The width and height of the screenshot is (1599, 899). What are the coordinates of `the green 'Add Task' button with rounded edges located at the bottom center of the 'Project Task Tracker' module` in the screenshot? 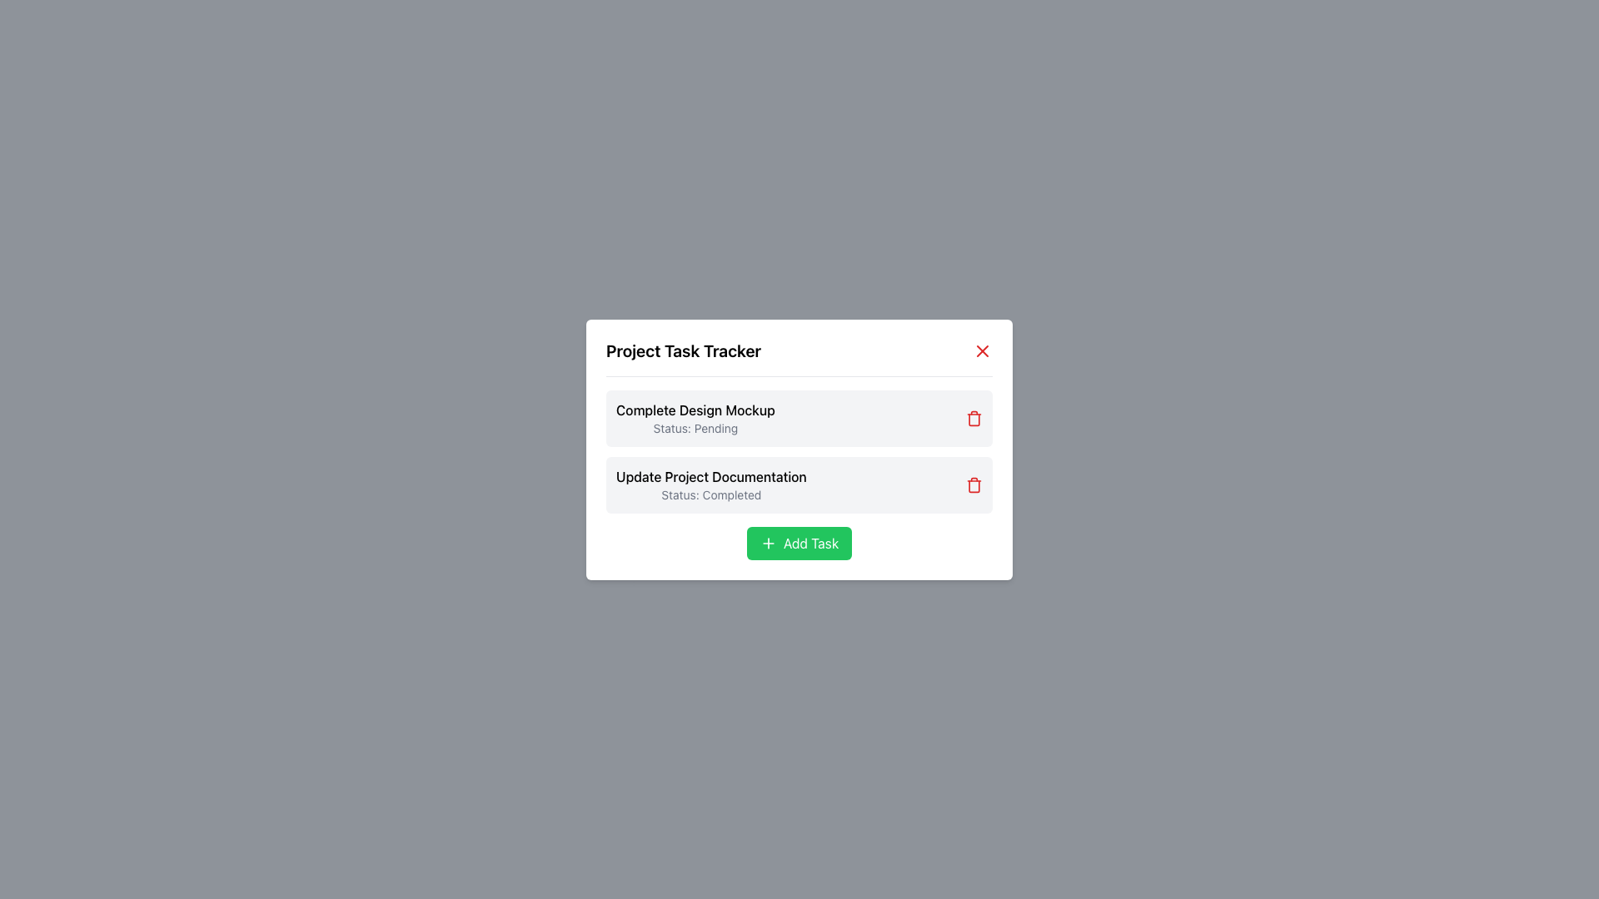 It's located at (799, 543).